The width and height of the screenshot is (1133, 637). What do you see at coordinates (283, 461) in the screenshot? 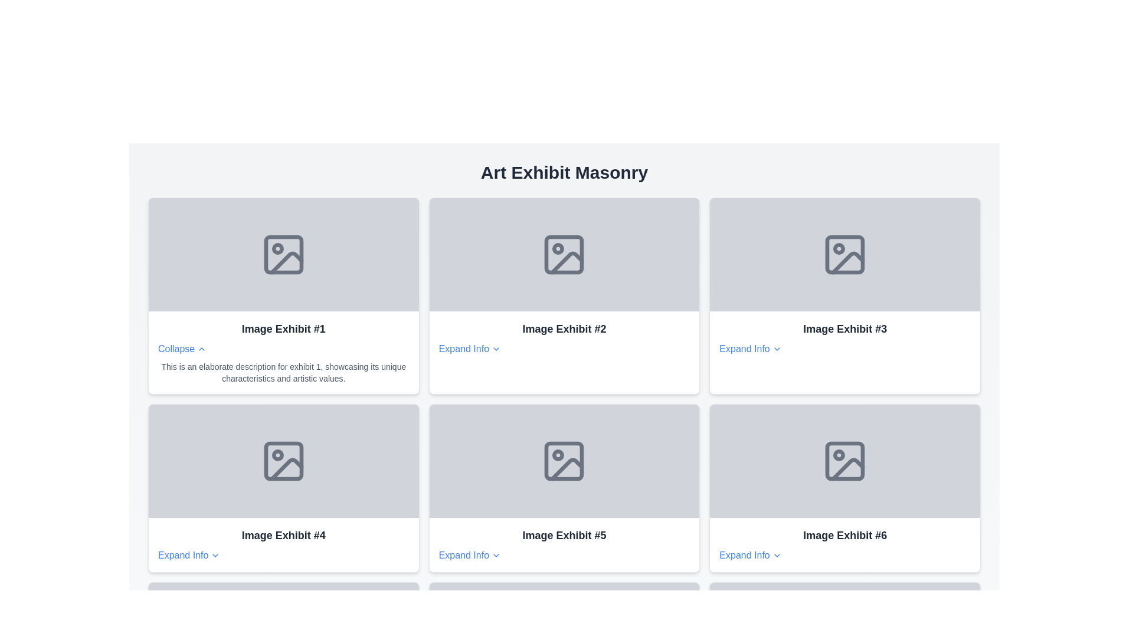
I see `the gray landscape icon with a mountain and sun located in the fourth tile of the grid layout` at bounding box center [283, 461].